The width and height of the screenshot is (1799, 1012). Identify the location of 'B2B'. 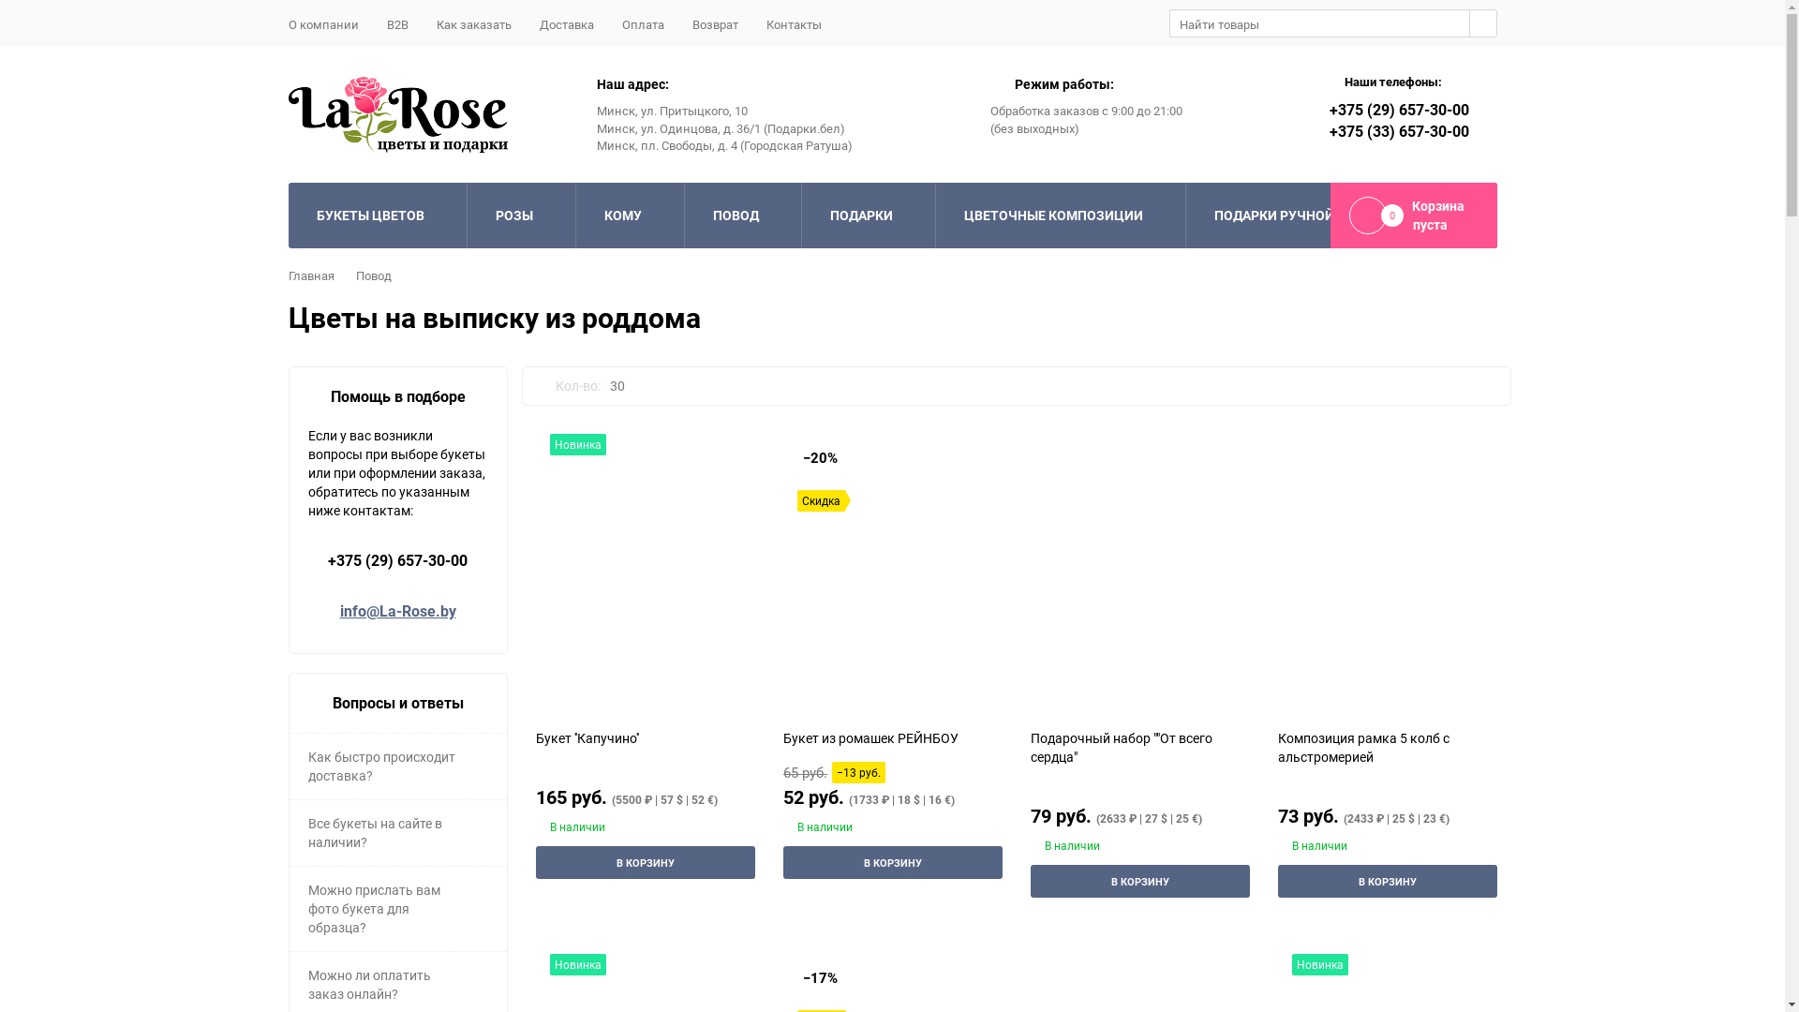
(395, 24).